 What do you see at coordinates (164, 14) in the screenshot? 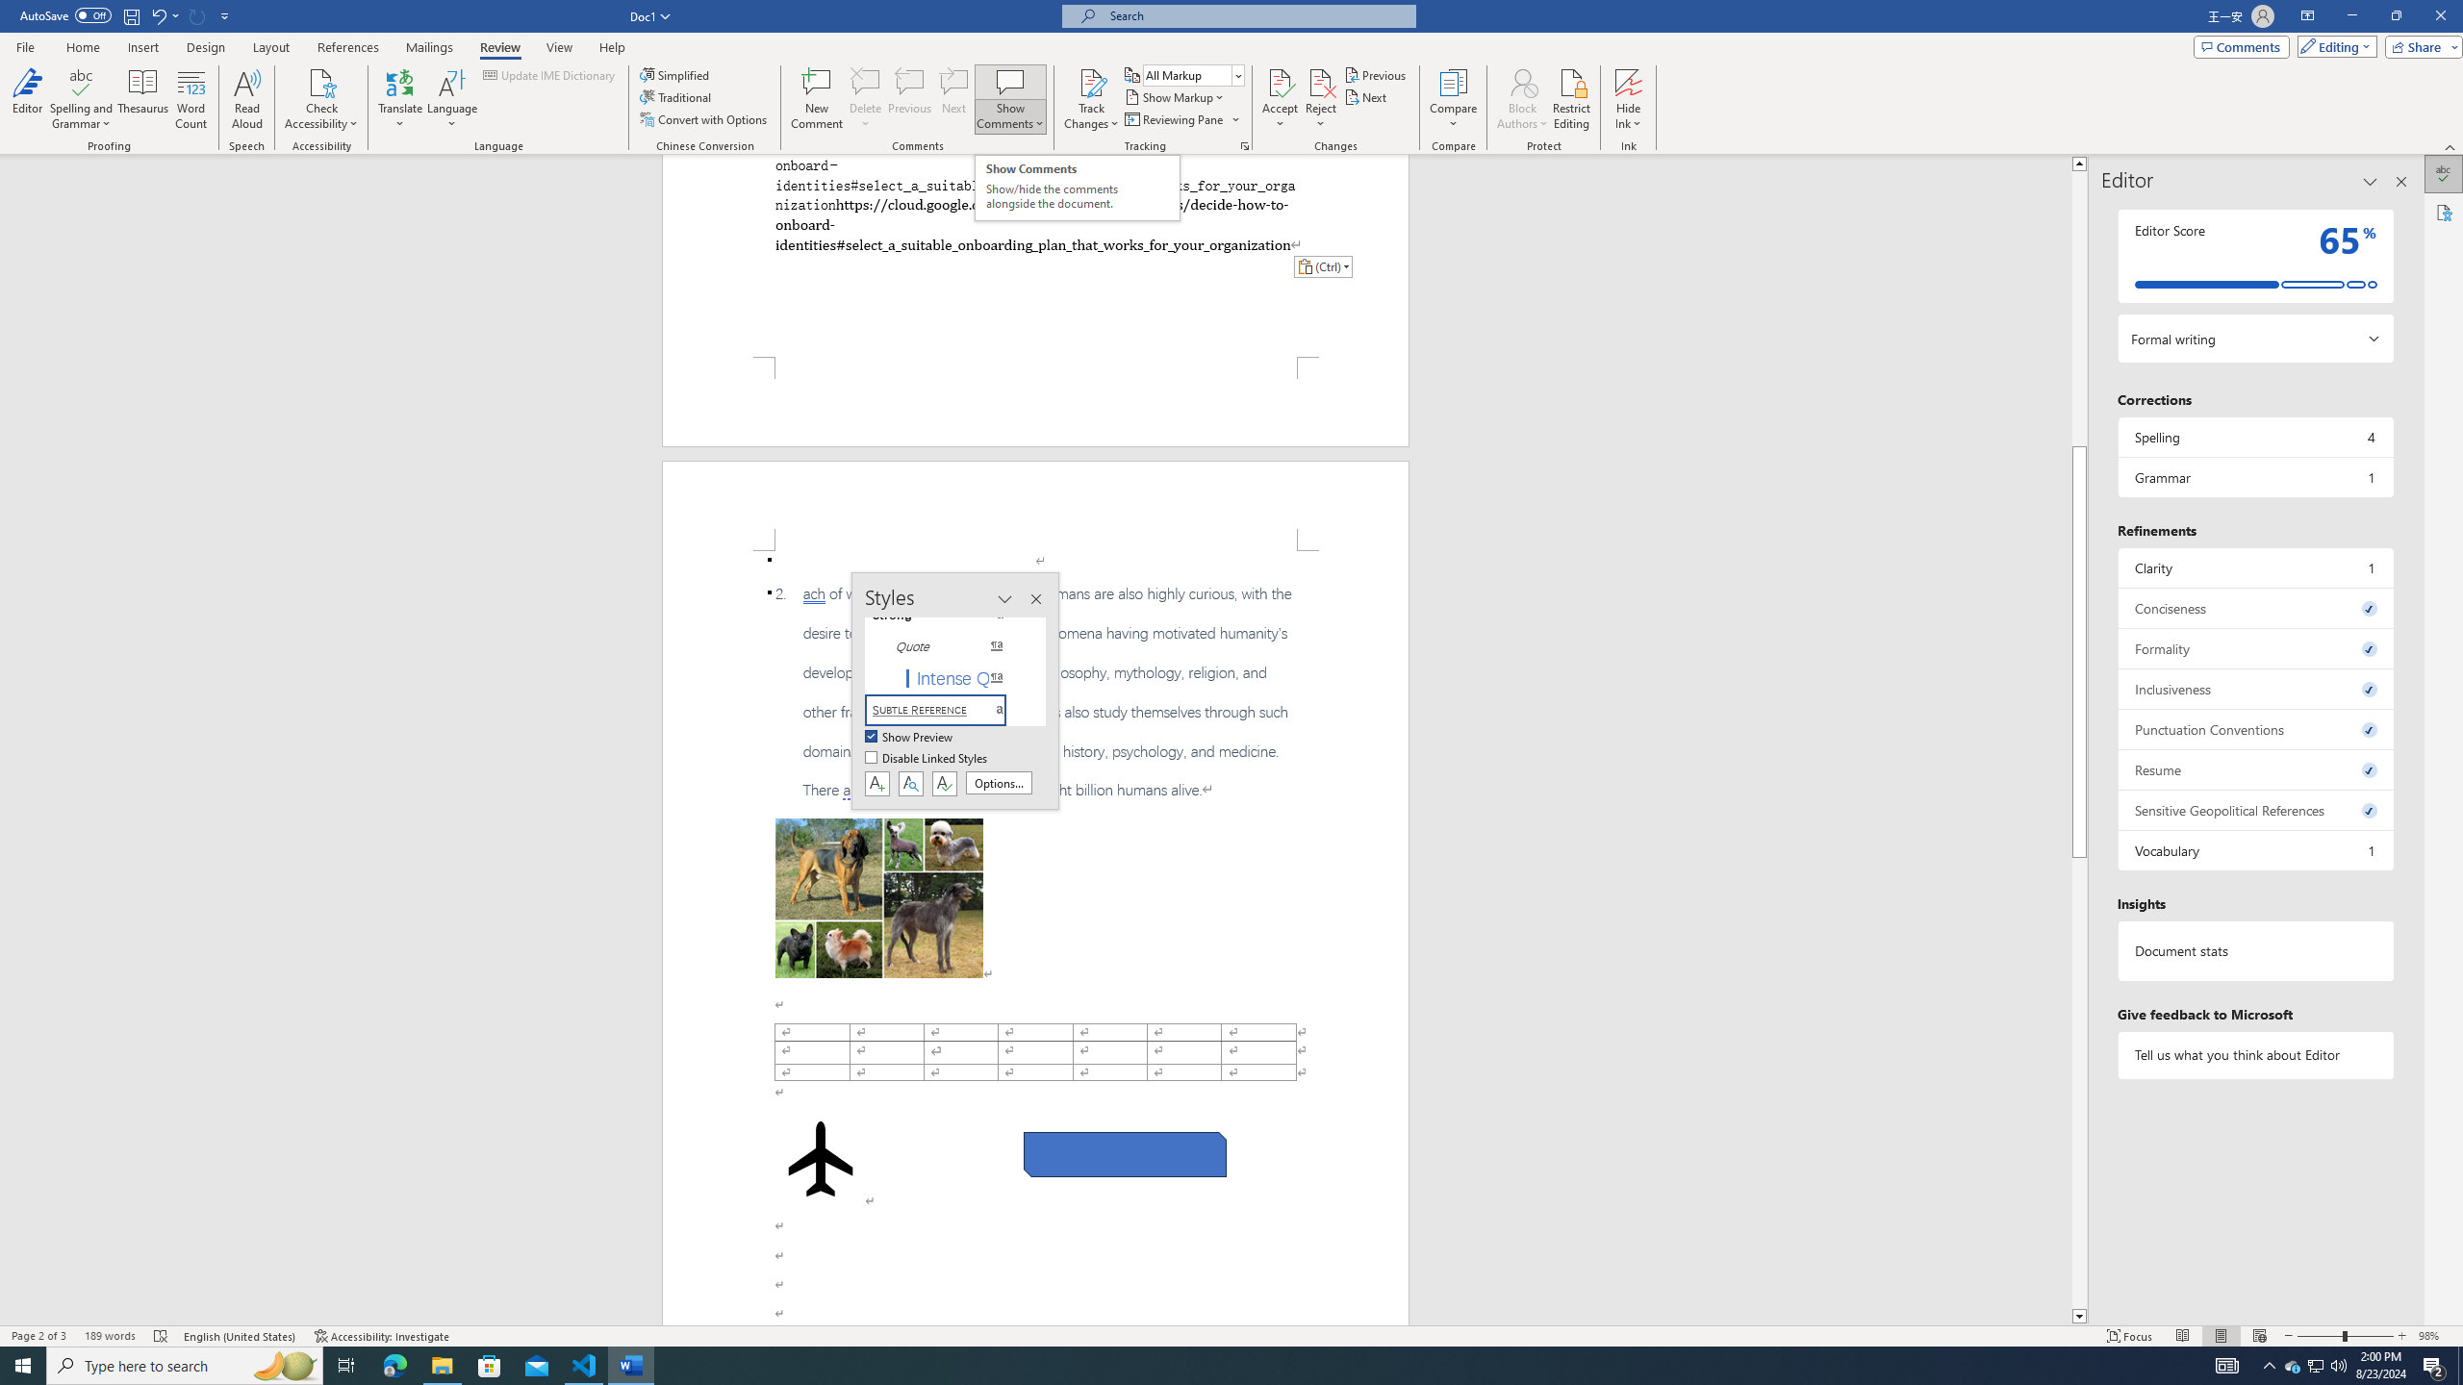
I see `'Undo Paste'` at bounding box center [164, 14].